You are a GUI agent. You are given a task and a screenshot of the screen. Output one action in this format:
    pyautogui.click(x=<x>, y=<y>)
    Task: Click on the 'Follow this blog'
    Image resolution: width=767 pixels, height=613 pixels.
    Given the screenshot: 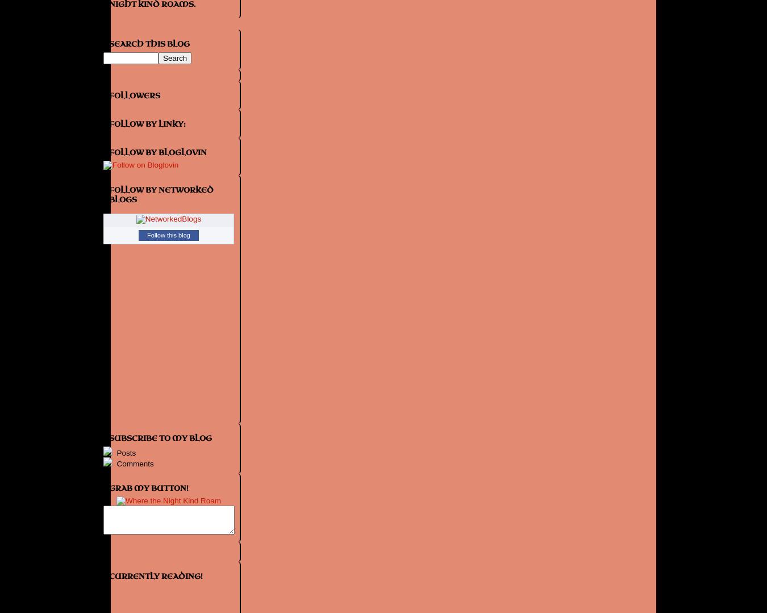 What is the action you would take?
    pyautogui.click(x=147, y=235)
    